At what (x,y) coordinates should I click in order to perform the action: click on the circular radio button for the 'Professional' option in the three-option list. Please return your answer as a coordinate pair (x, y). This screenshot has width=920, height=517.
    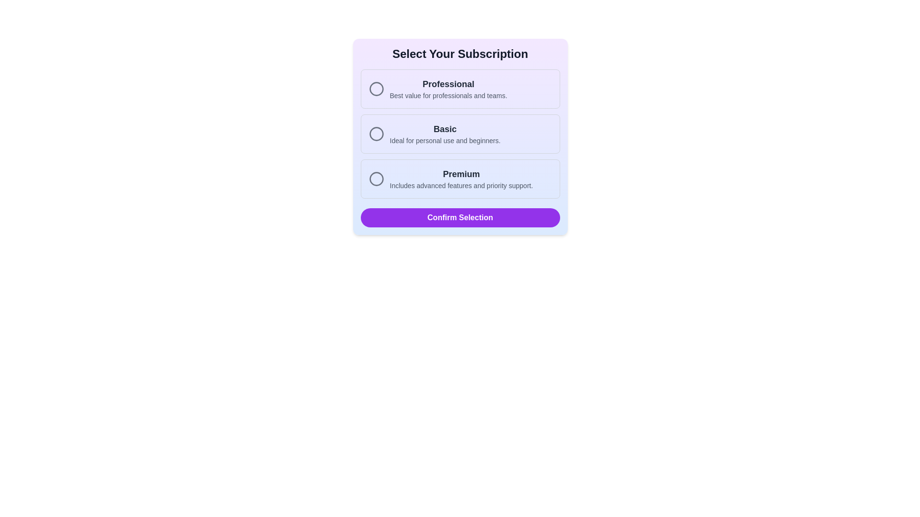
    Looking at the image, I should click on (376, 89).